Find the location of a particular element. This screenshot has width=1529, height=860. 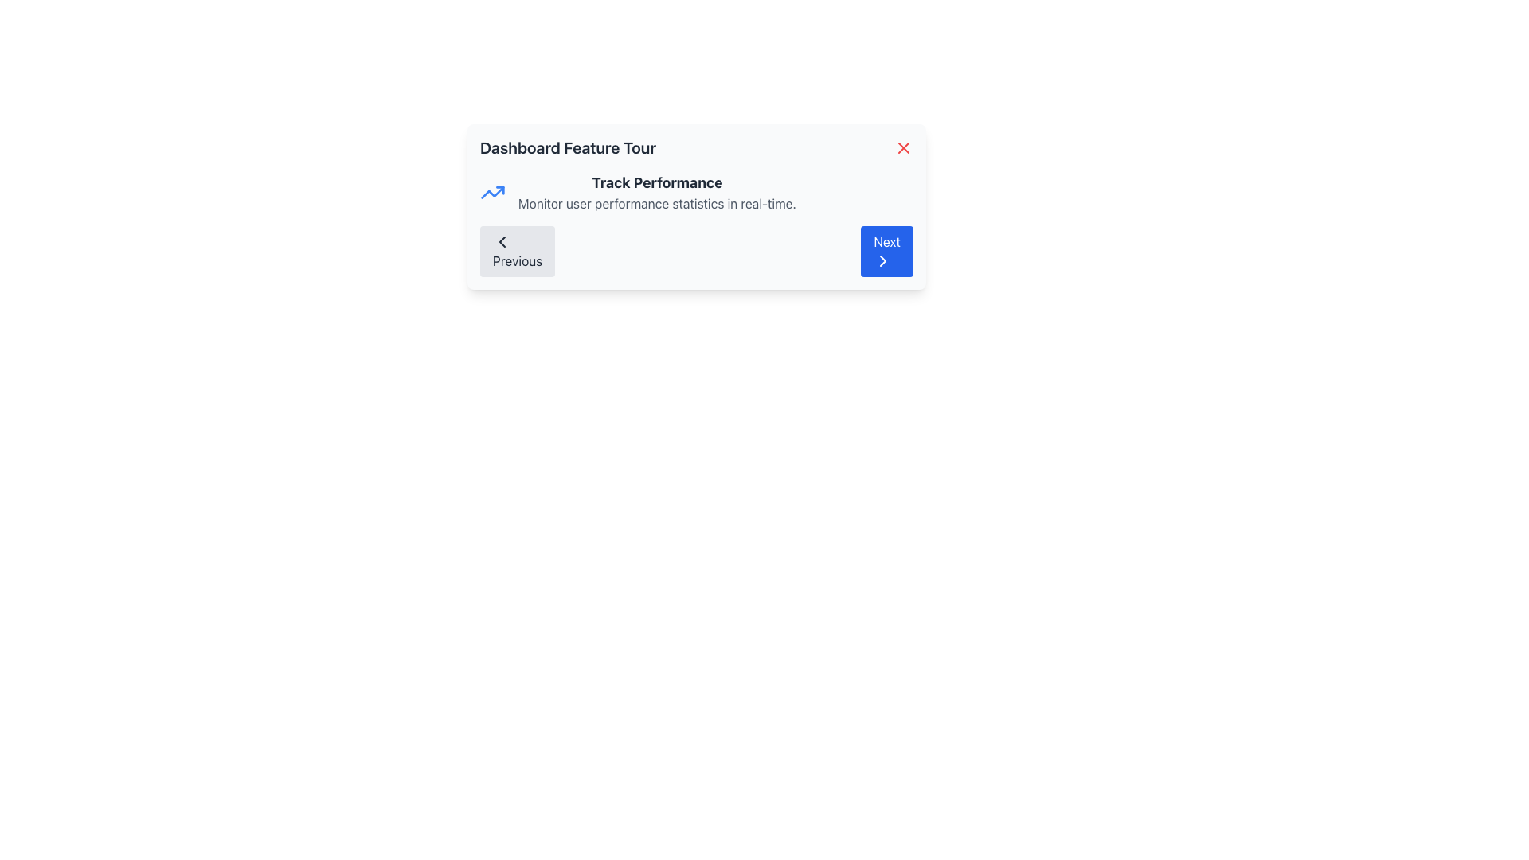

the visual indicator icon located at the center of the 'Next' button in the bottom-right of the interface, which is part of the navigation panel within a dialogue box is located at coordinates (882, 260).